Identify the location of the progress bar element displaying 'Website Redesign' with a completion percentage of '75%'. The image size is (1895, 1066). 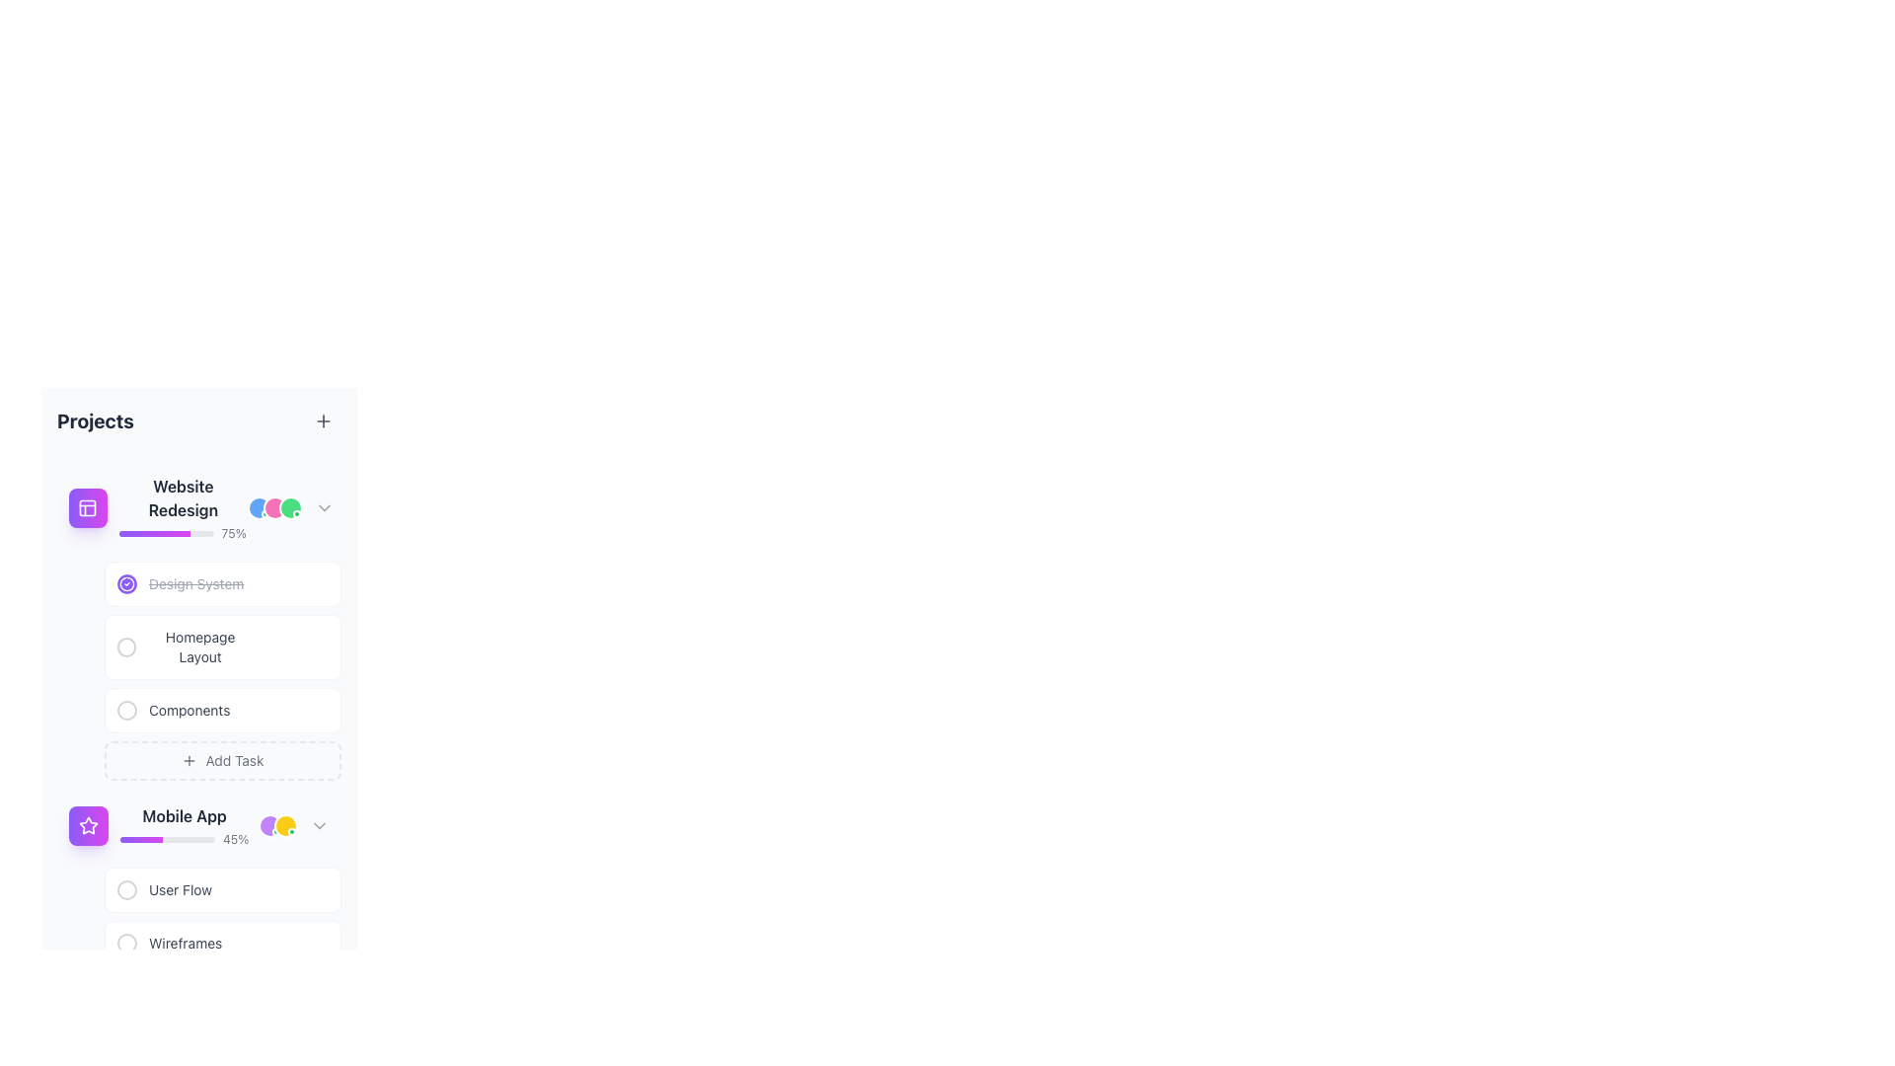
(183, 507).